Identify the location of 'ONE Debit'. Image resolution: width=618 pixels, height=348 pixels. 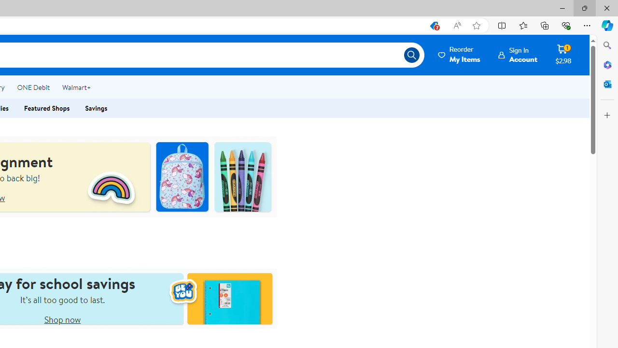
(33, 87).